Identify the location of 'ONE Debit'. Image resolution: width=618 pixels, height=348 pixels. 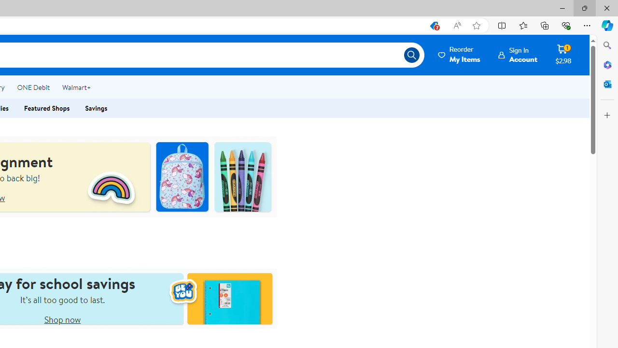
(33, 87).